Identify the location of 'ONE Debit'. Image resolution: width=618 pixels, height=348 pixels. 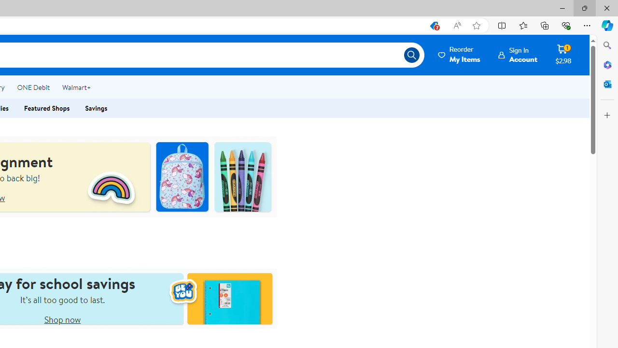
(33, 87).